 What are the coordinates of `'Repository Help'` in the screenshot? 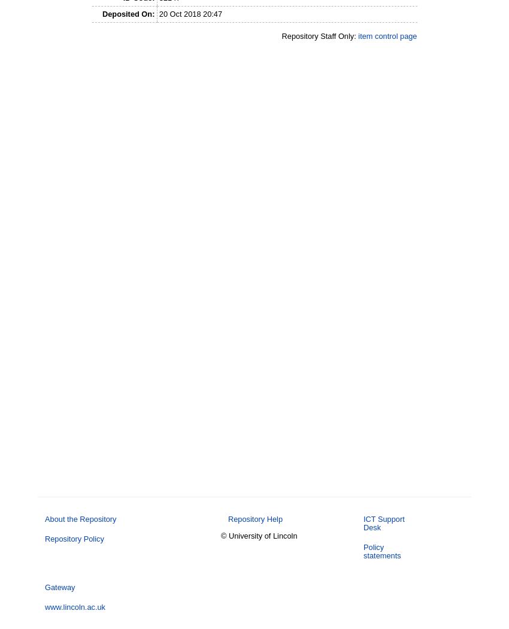 It's located at (227, 518).